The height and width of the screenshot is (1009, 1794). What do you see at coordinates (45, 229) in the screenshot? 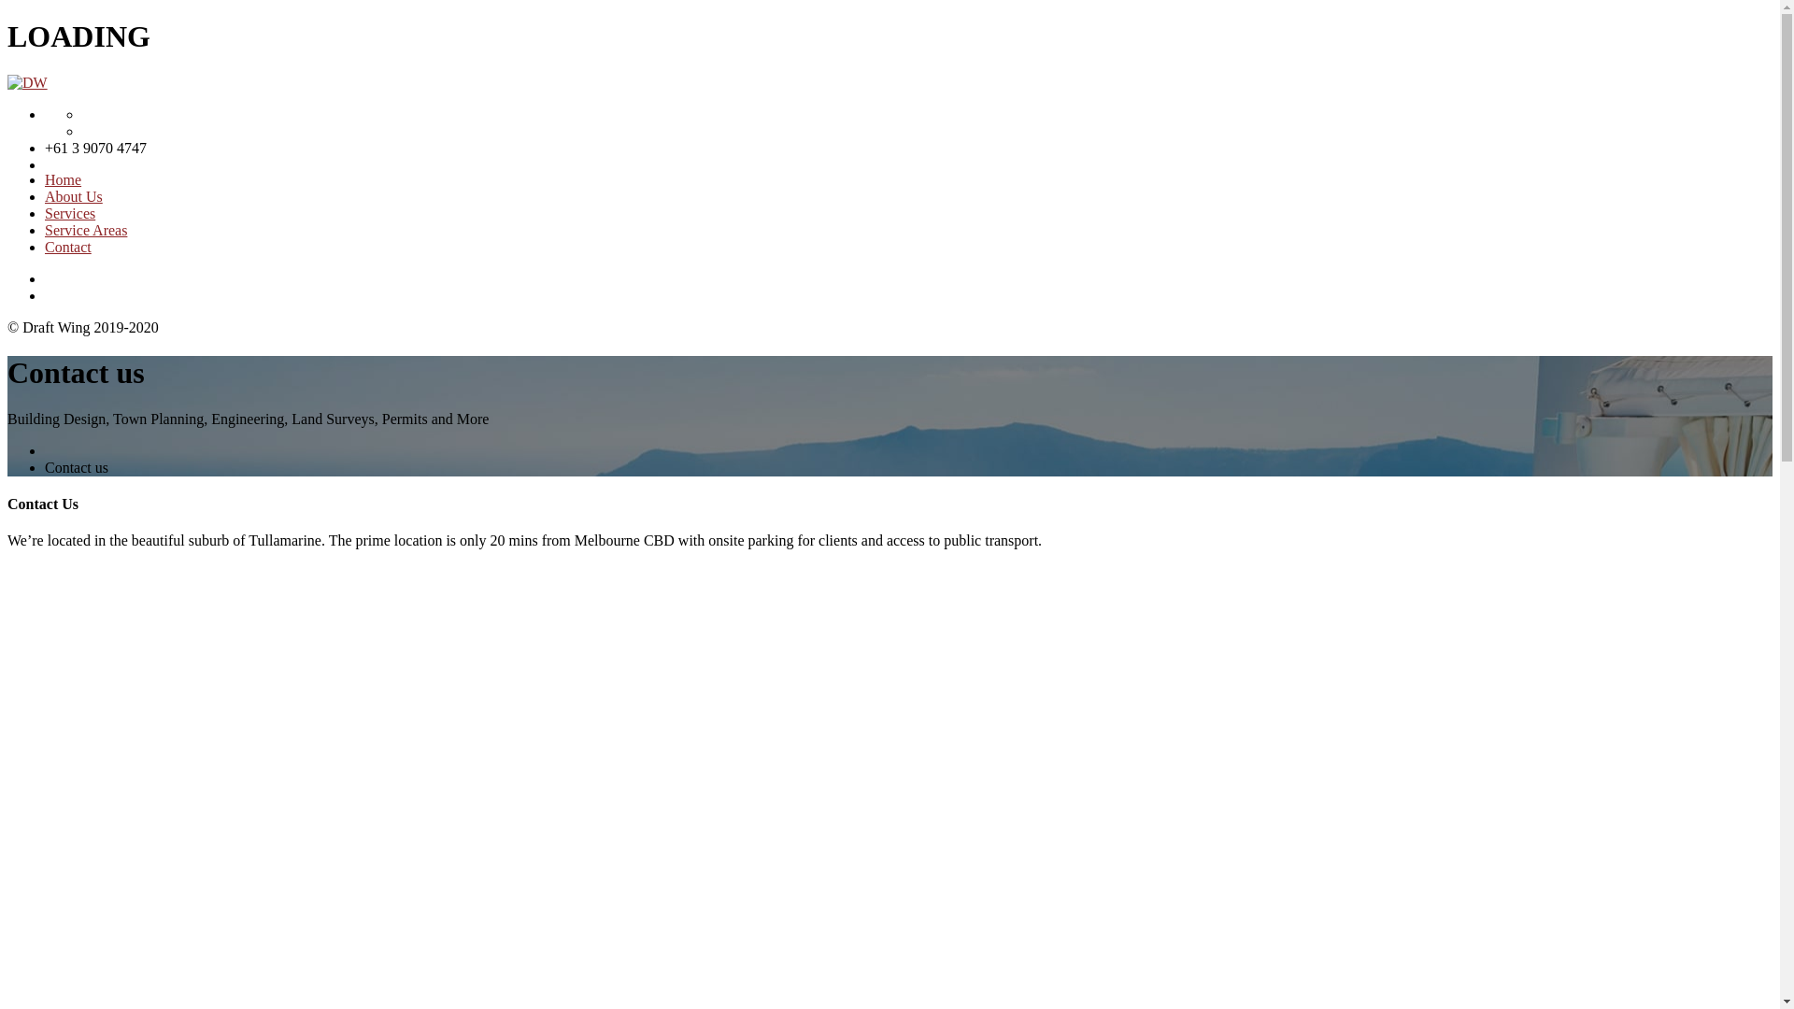
I see `'Service Areas'` at bounding box center [45, 229].